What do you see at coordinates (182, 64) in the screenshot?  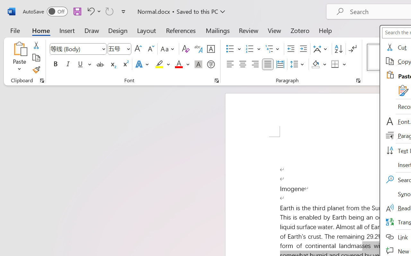 I see `'Font Color'` at bounding box center [182, 64].